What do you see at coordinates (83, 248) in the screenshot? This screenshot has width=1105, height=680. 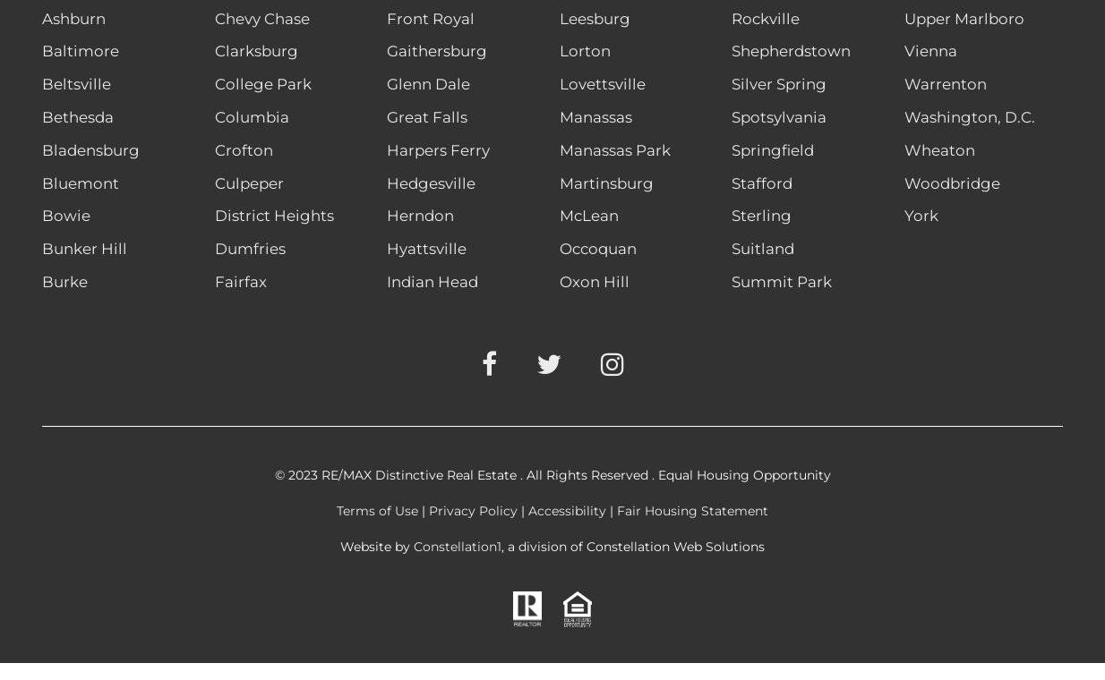 I see `'Bunker Hill'` at bounding box center [83, 248].